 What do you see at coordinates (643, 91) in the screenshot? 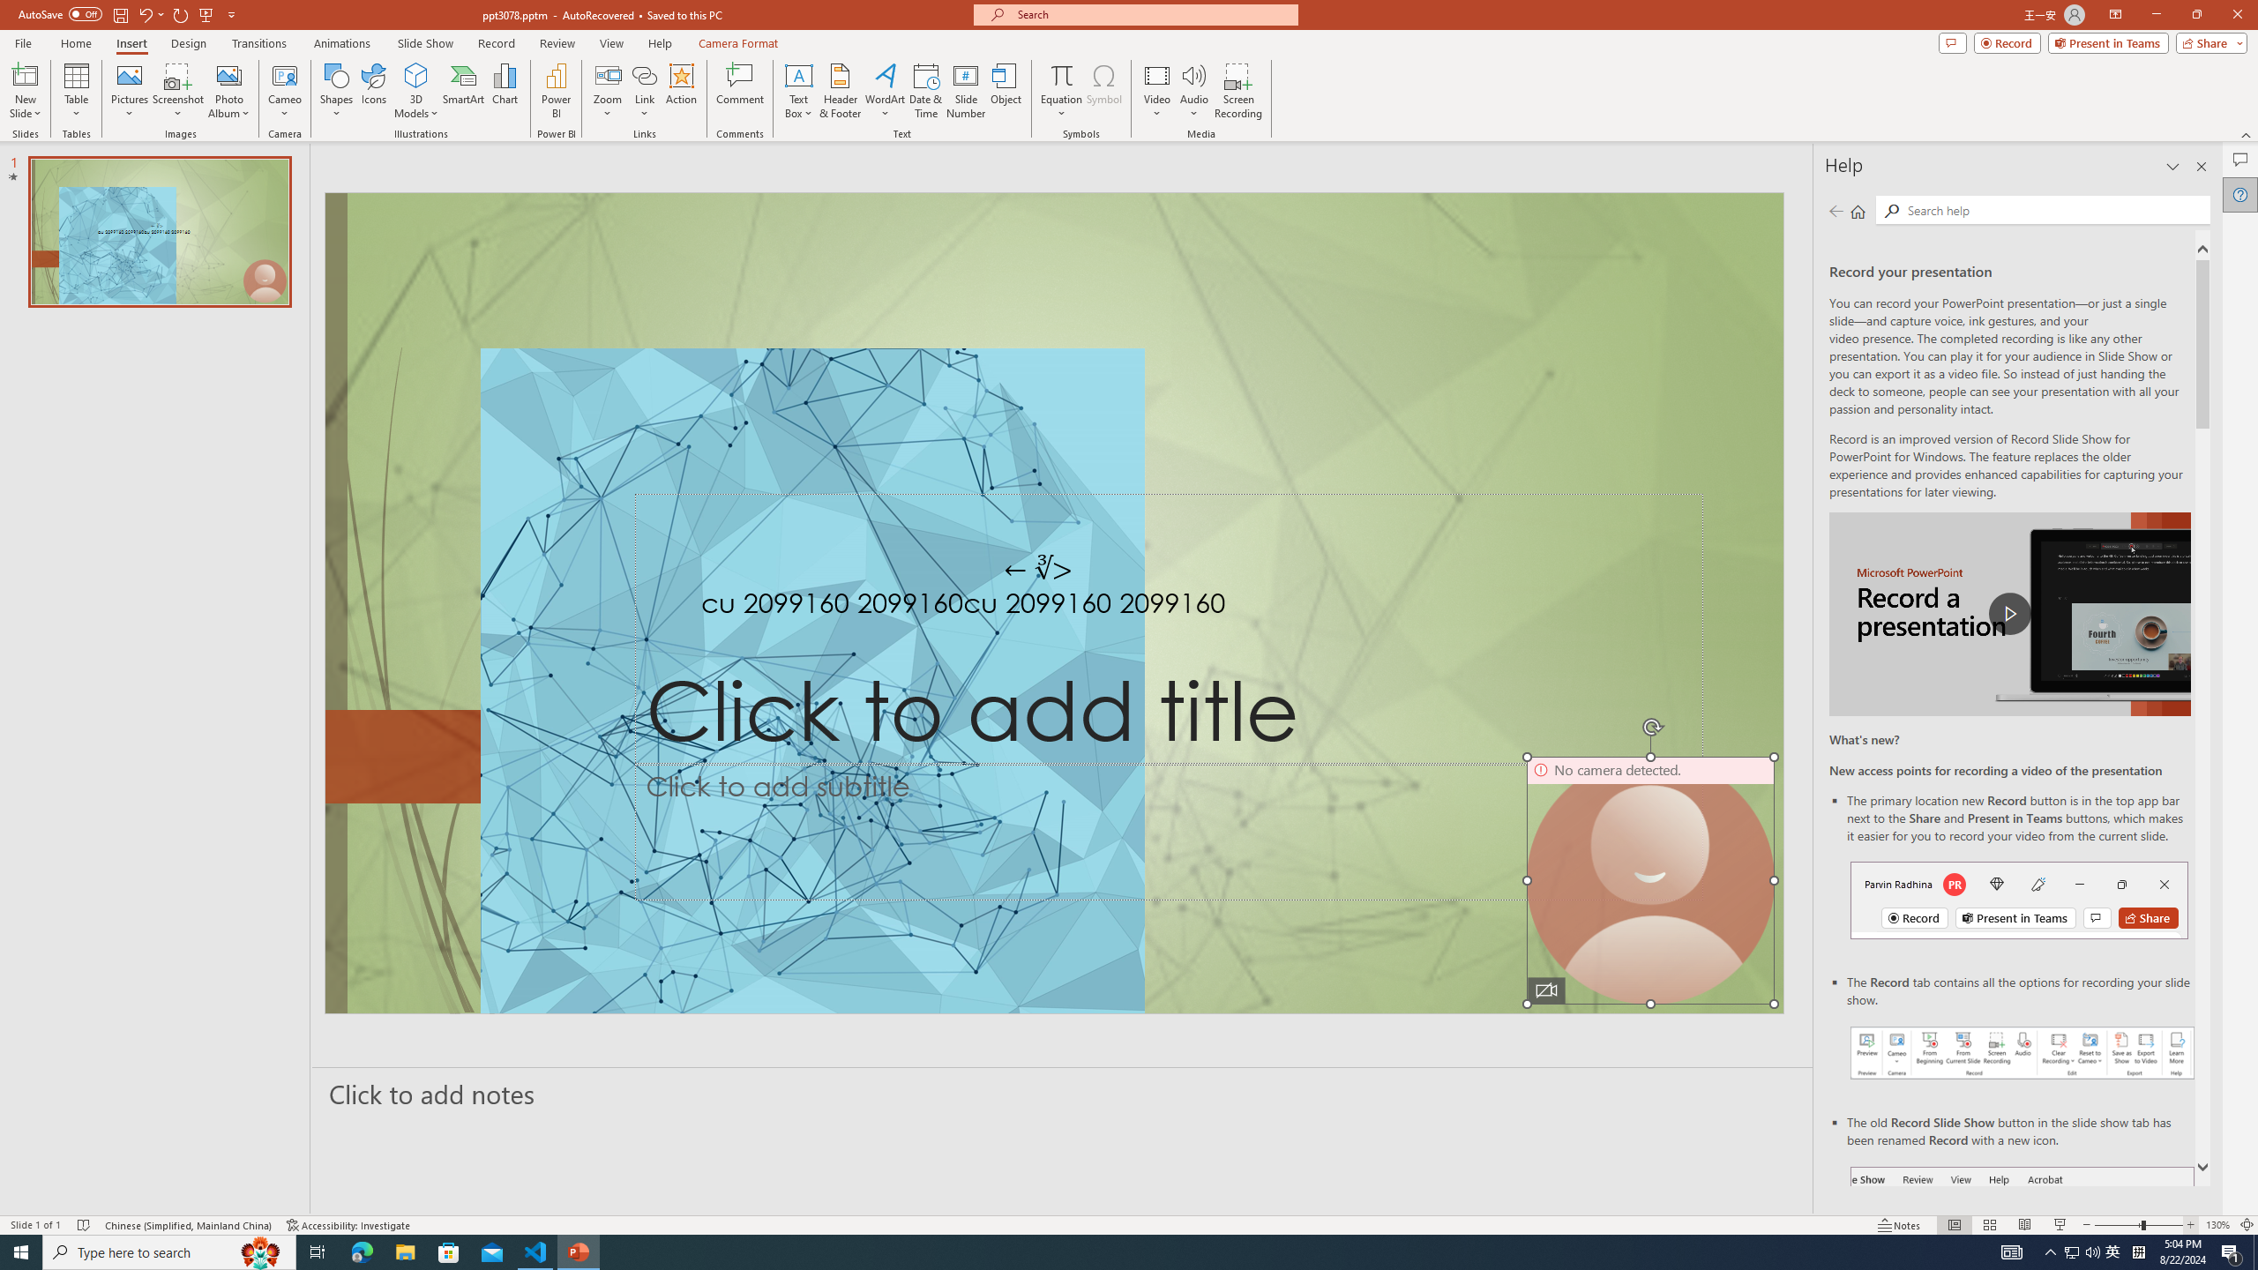
I see `'Link'` at bounding box center [643, 91].